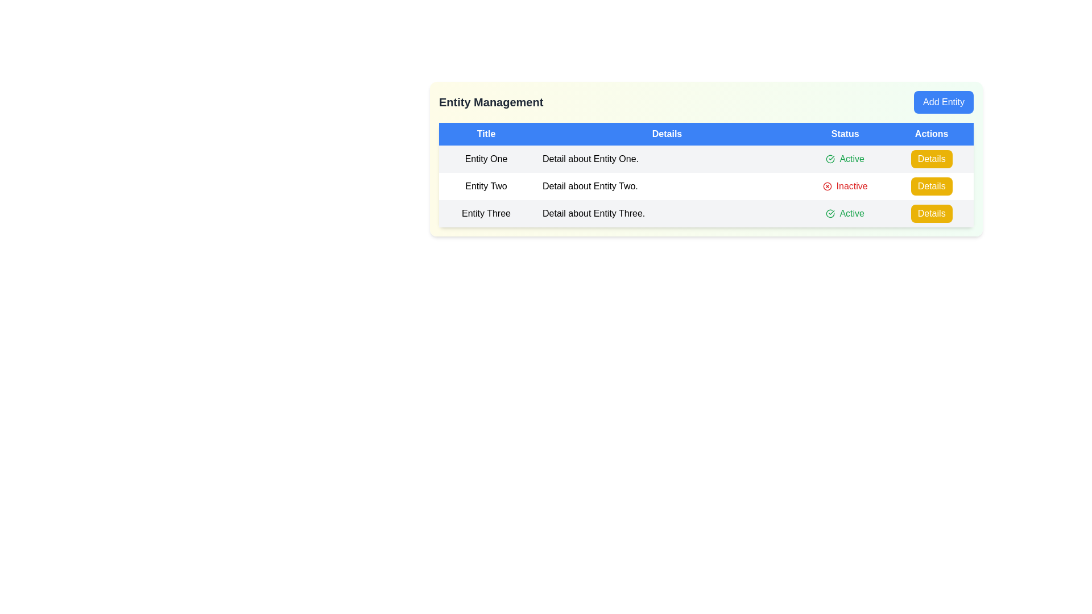 The width and height of the screenshot is (1092, 614). I want to click on the button in the 'Actions' column of the table, so click(931, 213).